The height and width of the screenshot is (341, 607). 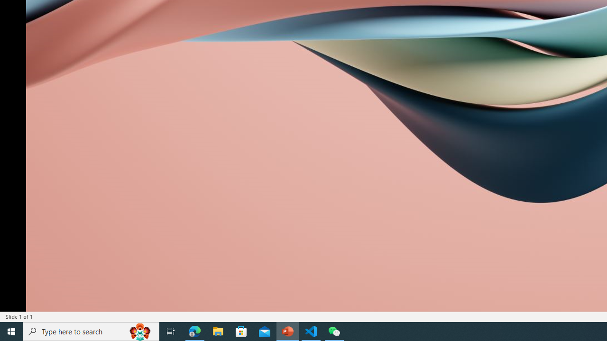 I want to click on 'Search highlights icon opens search home window', so click(x=139, y=331).